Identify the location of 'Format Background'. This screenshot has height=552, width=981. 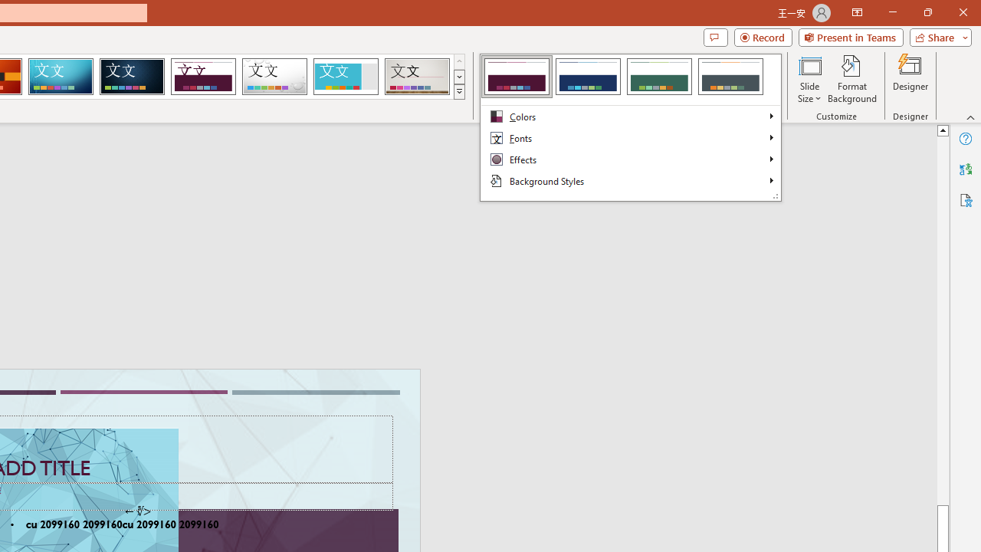
(851, 79).